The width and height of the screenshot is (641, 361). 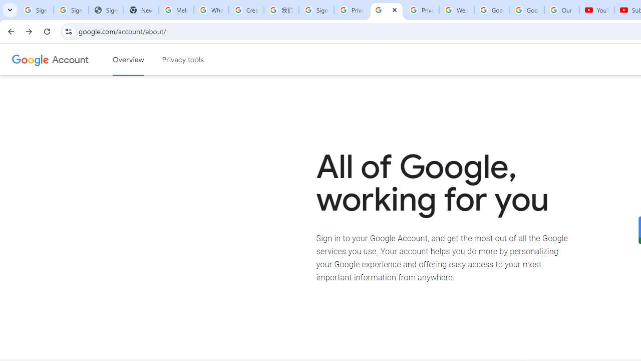 What do you see at coordinates (246, 10) in the screenshot?
I see `'Create your Google Account'` at bounding box center [246, 10].